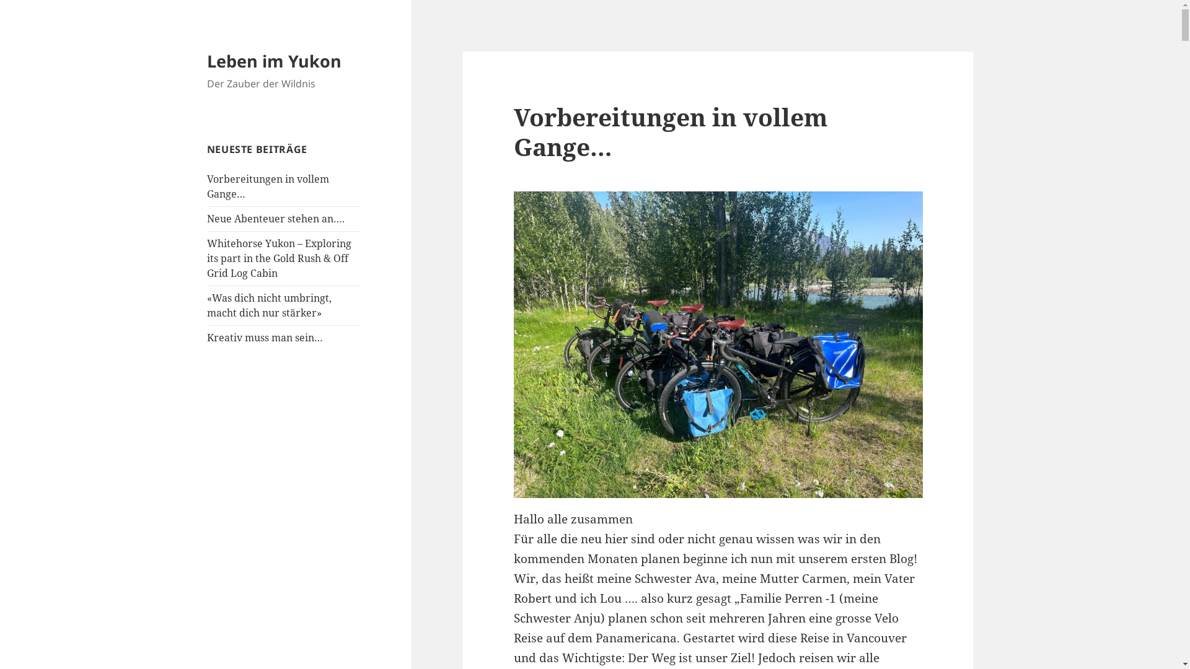 This screenshot has width=1190, height=669. What do you see at coordinates (273, 61) in the screenshot?
I see `'Leben im Yukon'` at bounding box center [273, 61].